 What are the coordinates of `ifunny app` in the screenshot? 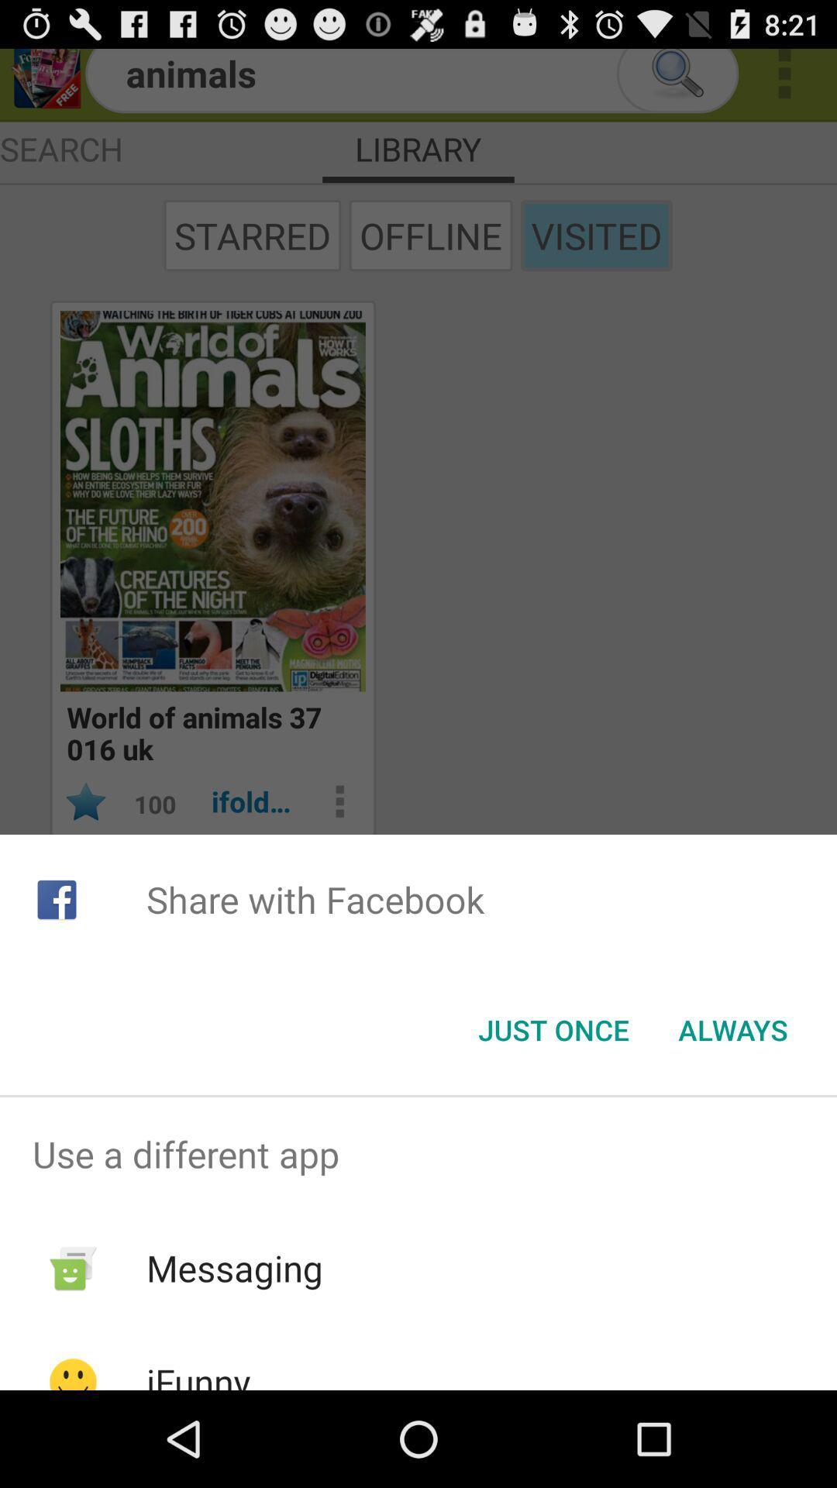 It's located at (198, 1373).